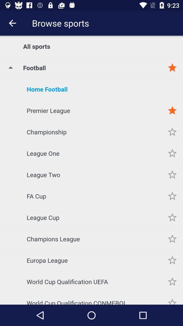 The image size is (183, 326). I want to click on for news articles to show in feed, so click(172, 153).